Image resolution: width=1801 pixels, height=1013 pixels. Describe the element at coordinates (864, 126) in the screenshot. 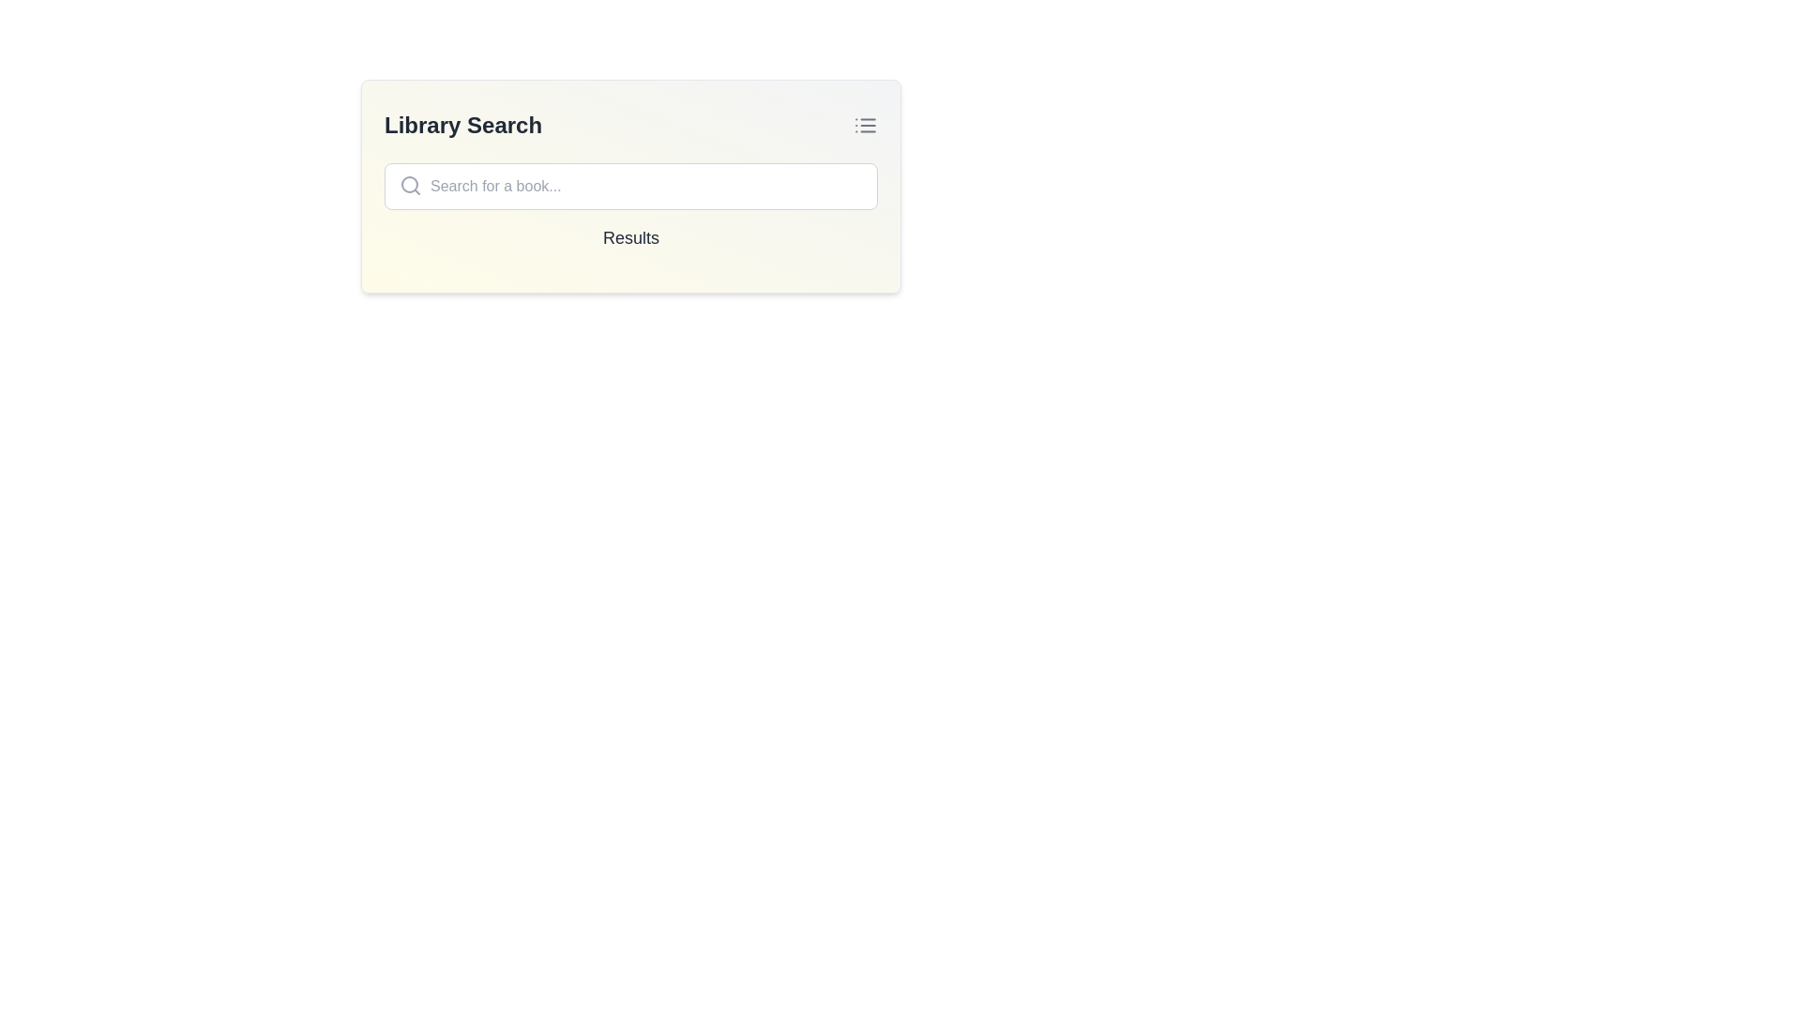

I see `the compact icon with three horizontal lines representing a list, located at the top-right corner of the 'Library Search' panel` at that location.